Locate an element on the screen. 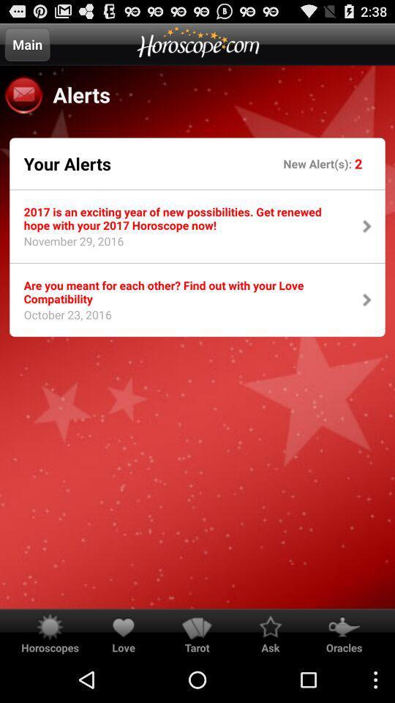  the item above are you meant is located at coordinates (68, 245).